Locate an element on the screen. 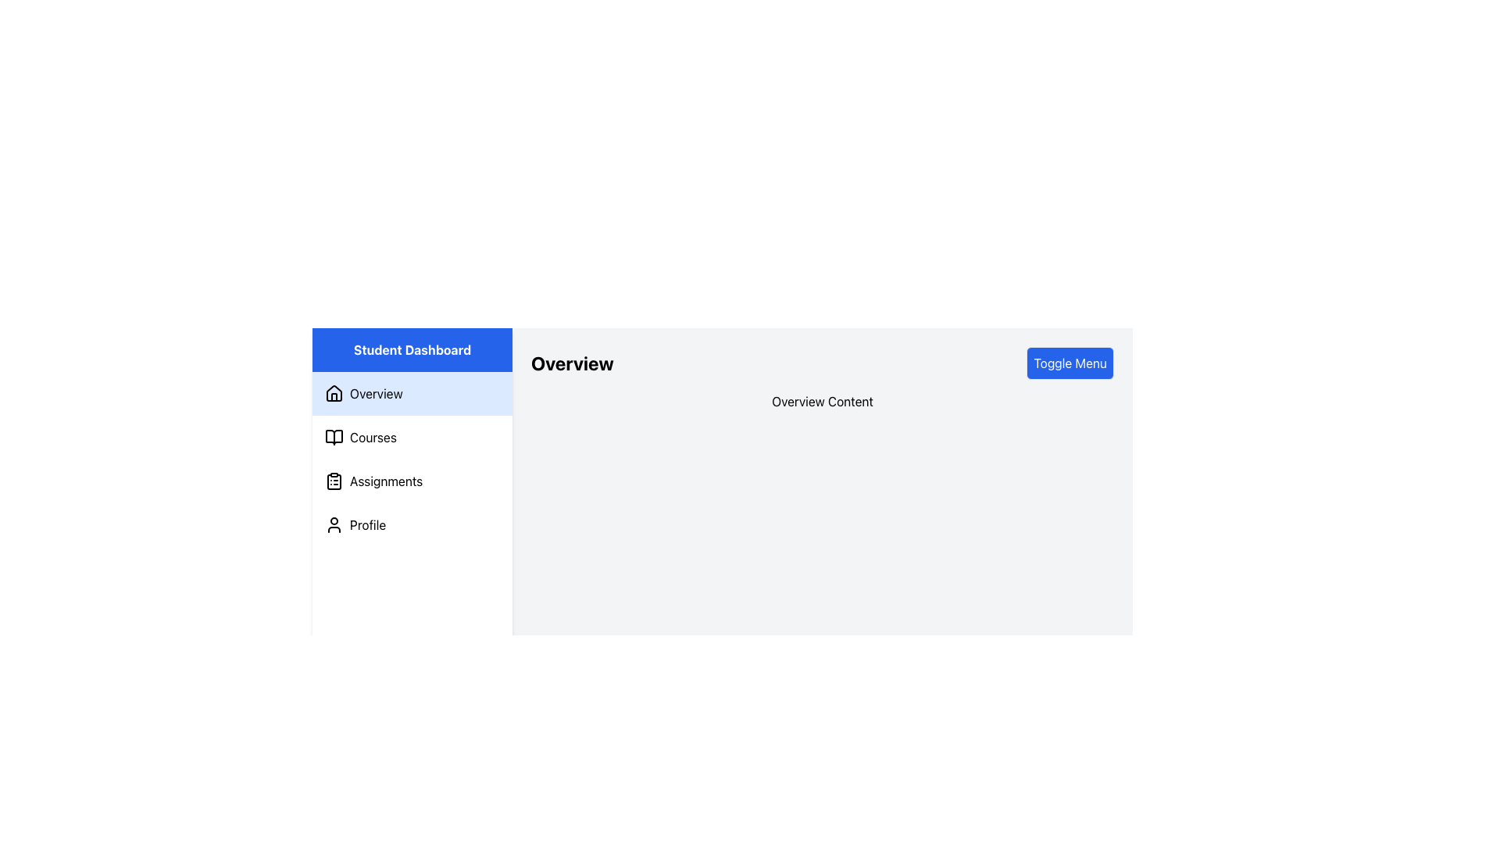  the open book icon located in the second position of the left navigation panel to associate it with the 'Courses' navigation is located at coordinates (333, 437).